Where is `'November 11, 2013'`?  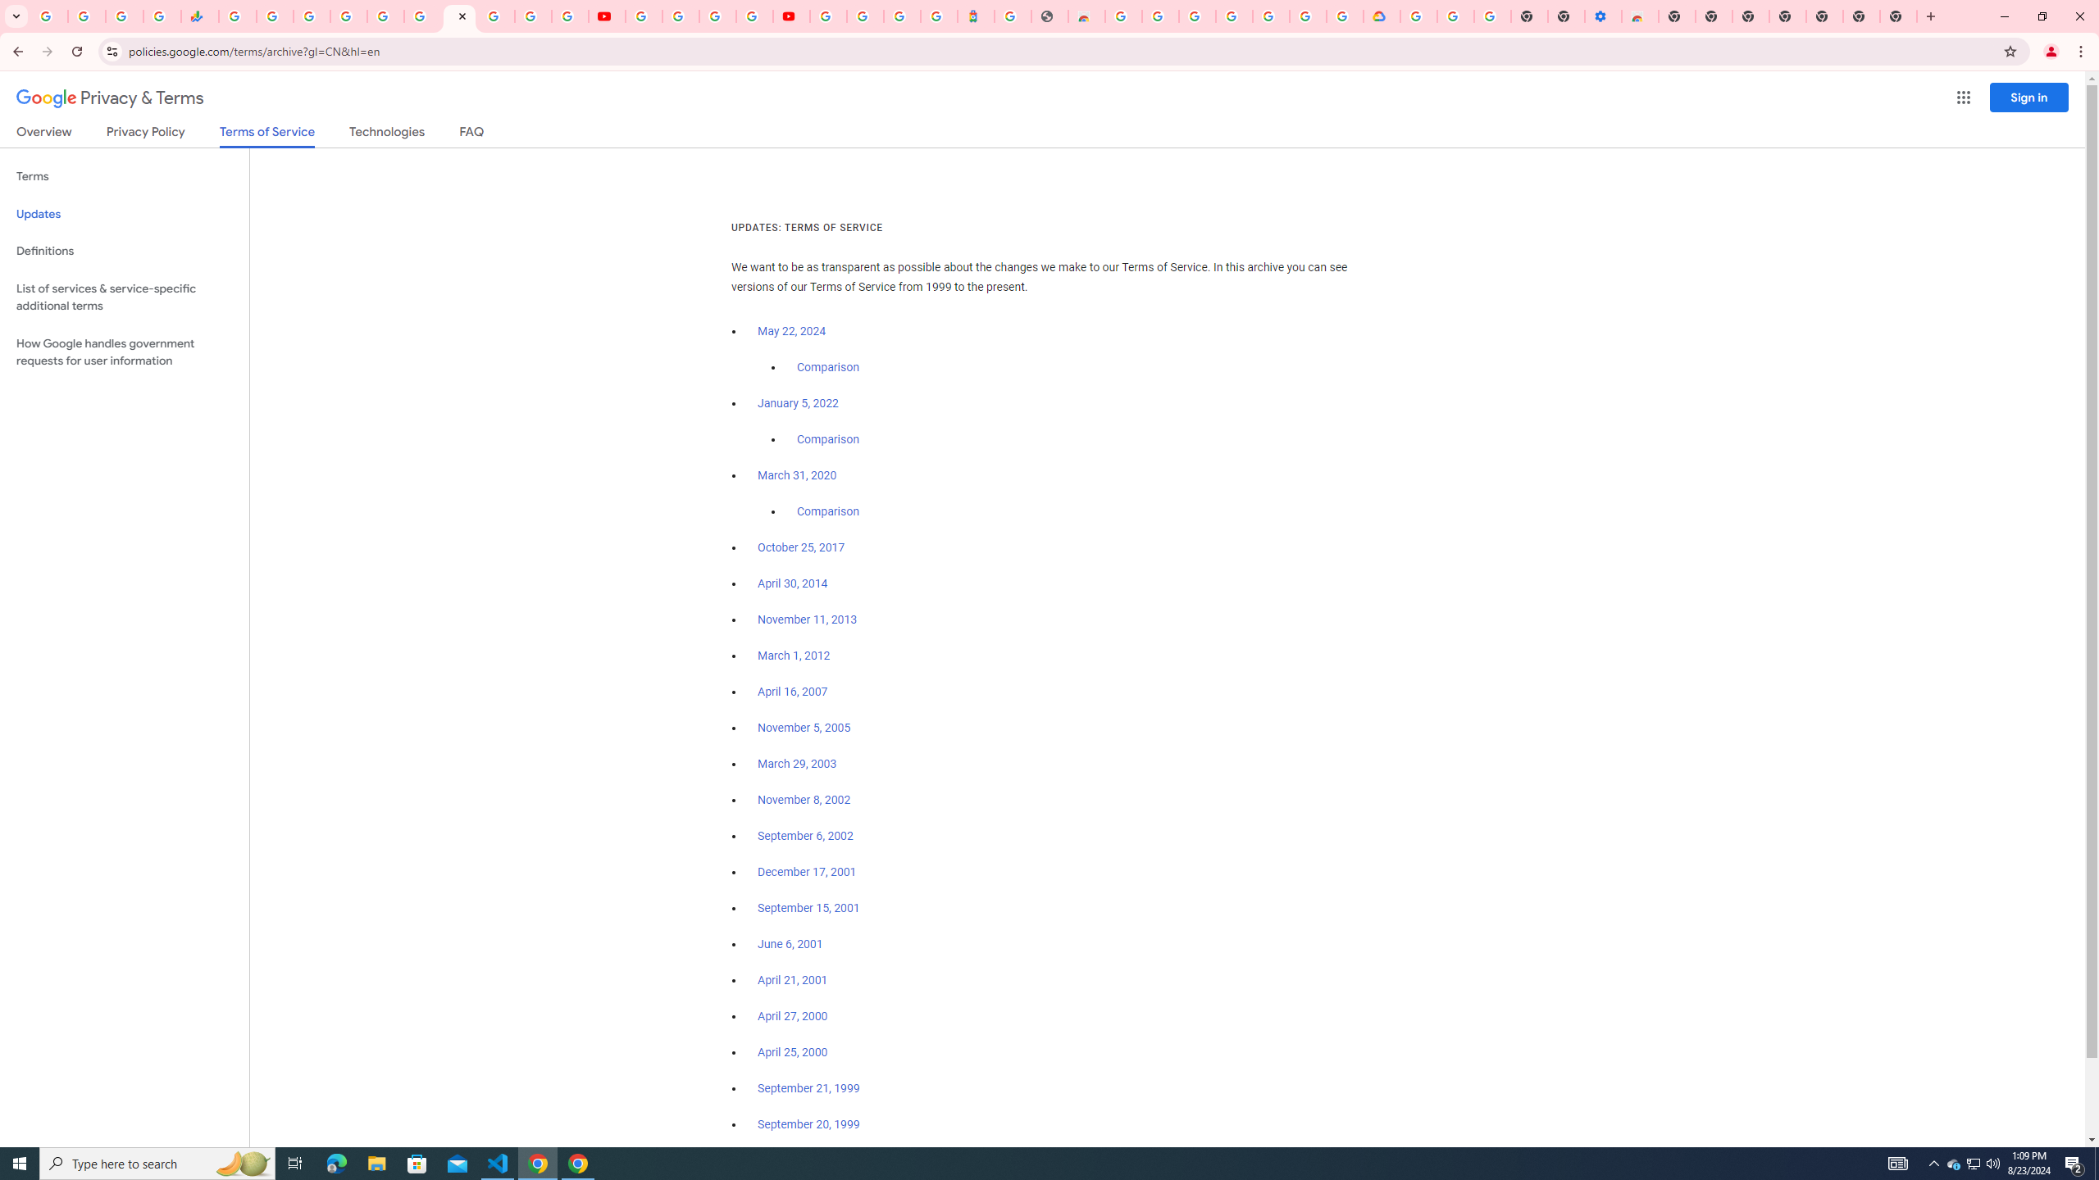 'November 11, 2013' is located at coordinates (808, 619).